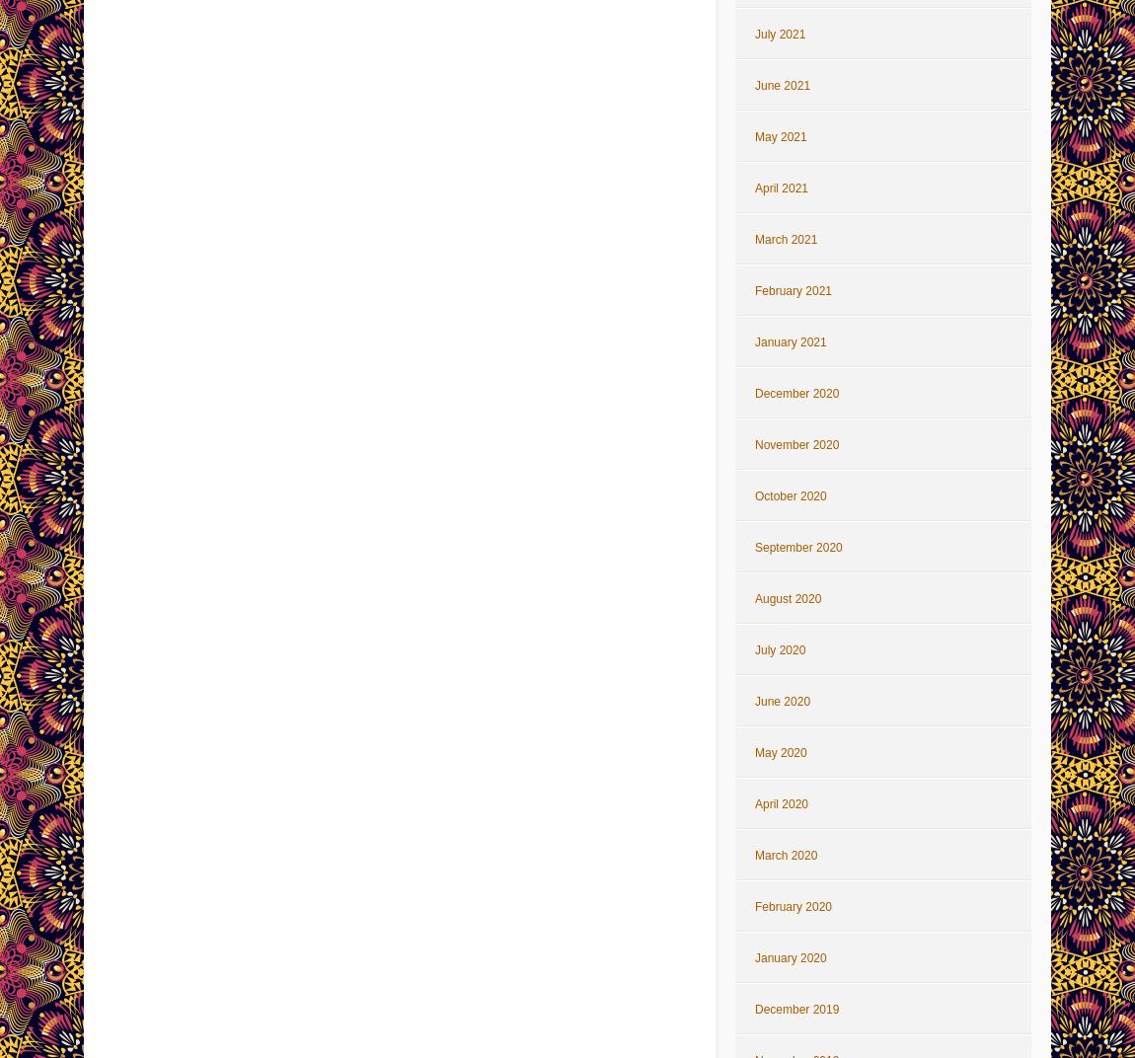  Describe the element at coordinates (753, 290) in the screenshot. I see `'February 2021'` at that location.